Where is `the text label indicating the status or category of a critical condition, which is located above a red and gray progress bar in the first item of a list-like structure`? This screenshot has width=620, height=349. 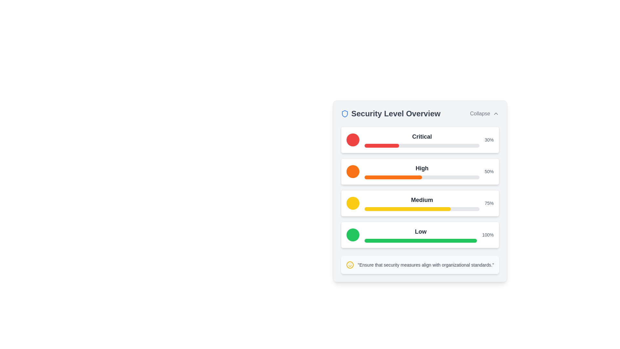 the text label indicating the status or category of a critical condition, which is located above a red and gray progress bar in the first item of a list-like structure is located at coordinates (422, 139).